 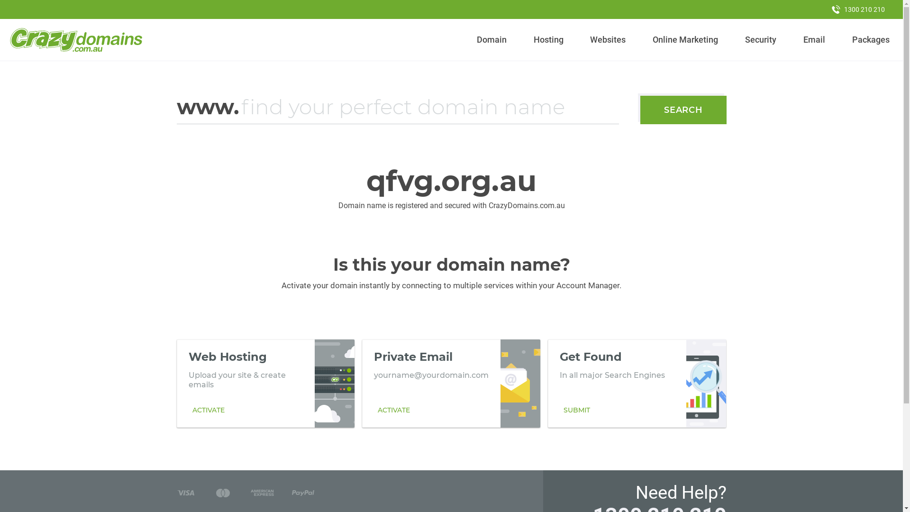 I want to click on 'Get Found, so click(x=637, y=383).